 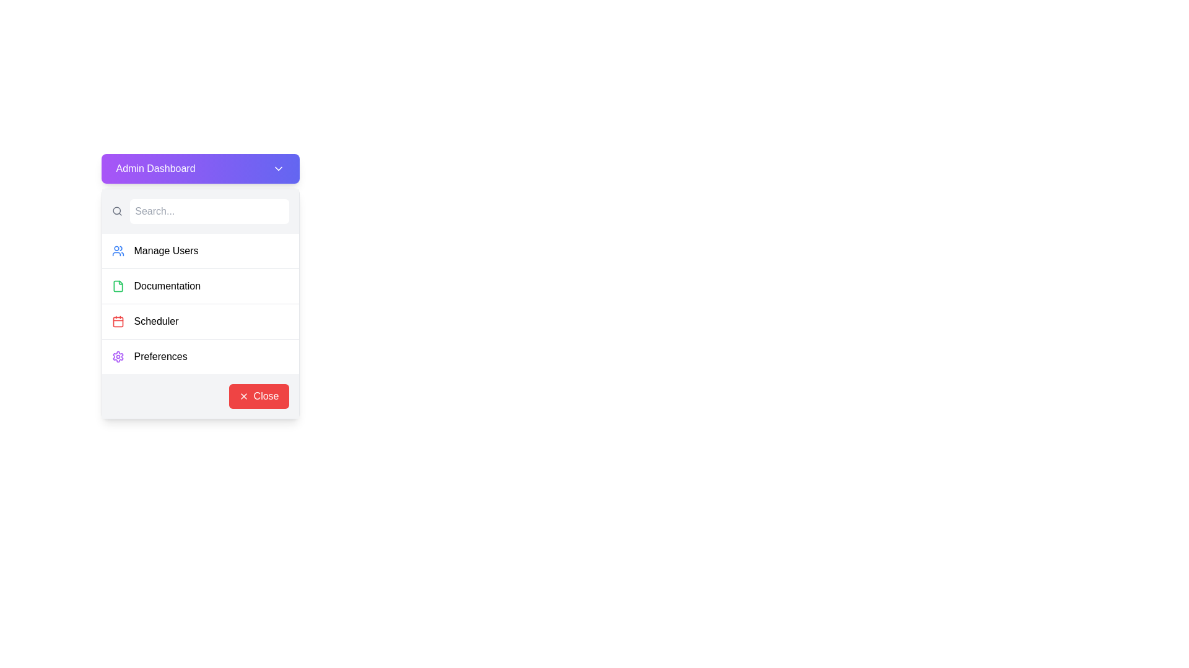 I want to click on the magnifying glass icon representing the search feature, located below the 'Admin Dashboard' dropdown and to the left of the 'Search...' input field, so click(x=117, y=211).